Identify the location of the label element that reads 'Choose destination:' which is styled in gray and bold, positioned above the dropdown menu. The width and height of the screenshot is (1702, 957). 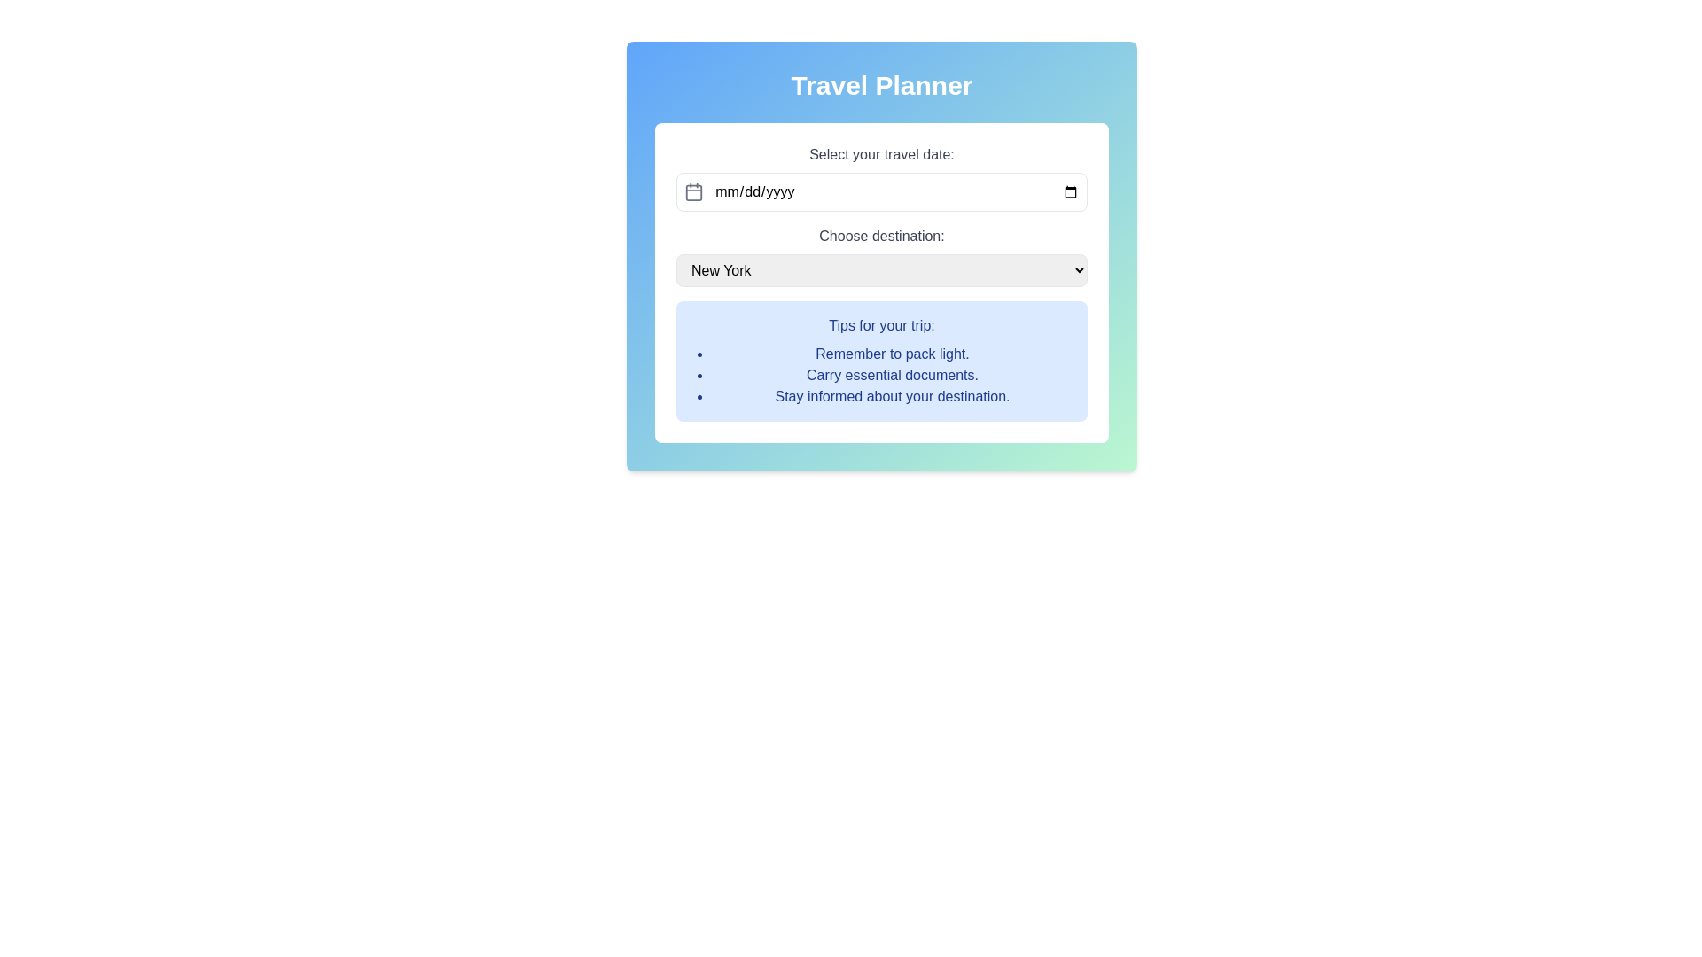
(881, 235).